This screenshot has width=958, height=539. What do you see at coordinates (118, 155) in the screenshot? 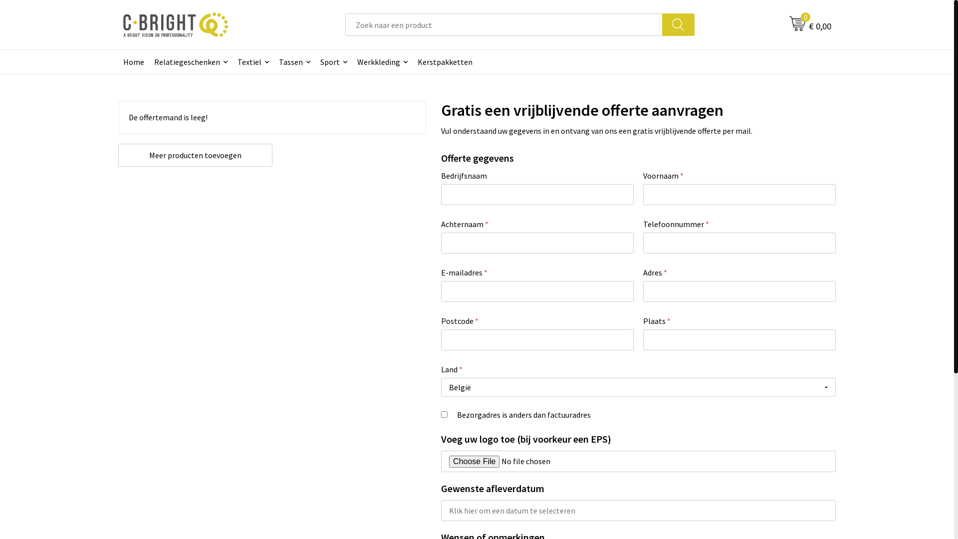
I see `'Meer producten toevoegen'` at bounding box center [118, 155].